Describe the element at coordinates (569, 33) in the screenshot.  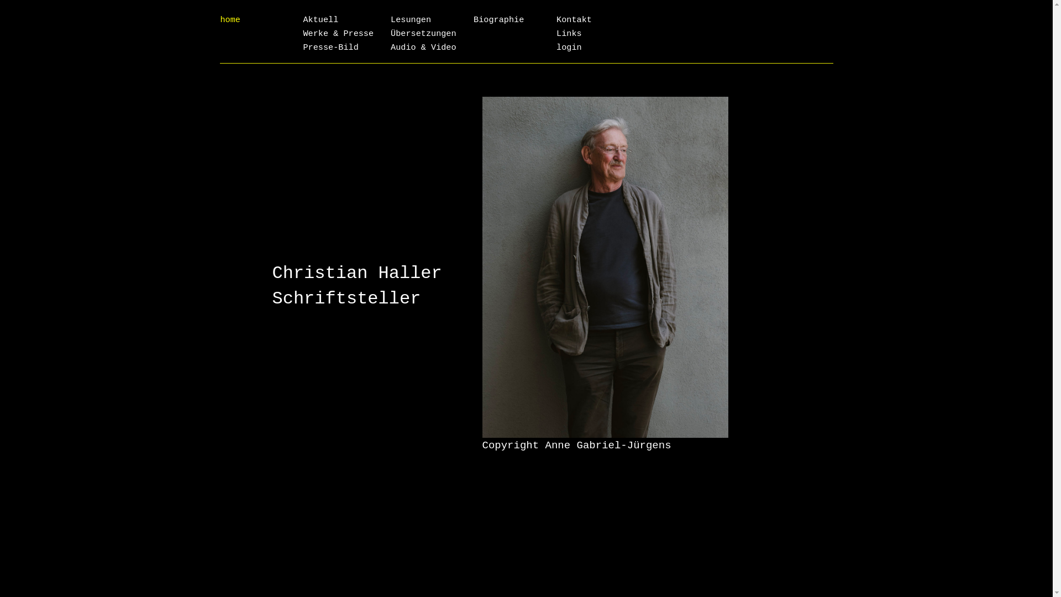
I see `'Links'` at that location.